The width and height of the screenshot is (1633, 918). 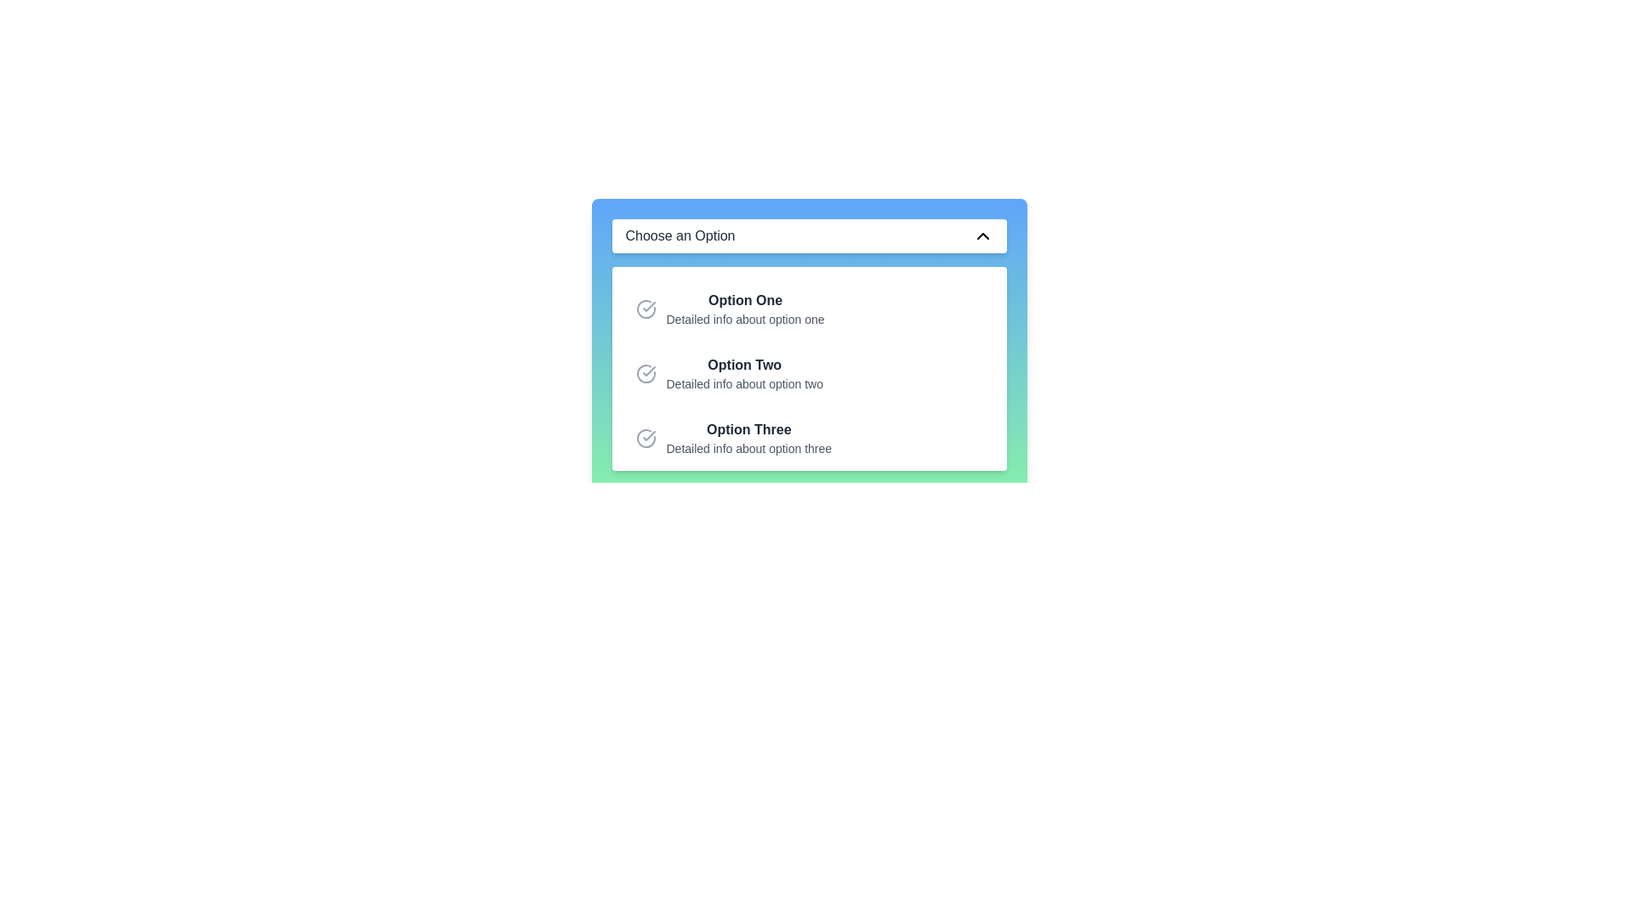 I want to click on the Checkmark Circle icon, so click(x=645, y=438).